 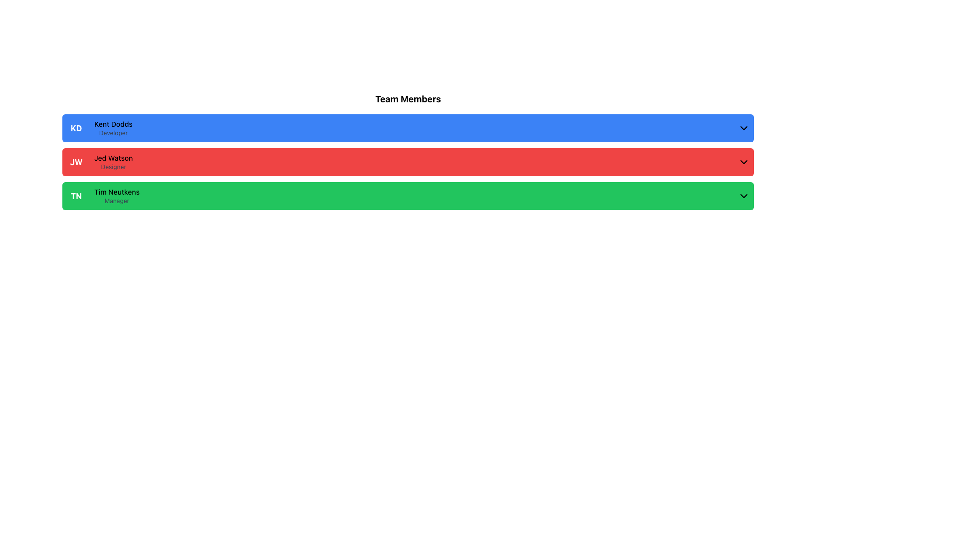 I want to click on the text label displaying 'Developer', which is styled in a small and light font and located below 'Kent Dodds' within a blue rectangular area, so click(x=113, y=132).